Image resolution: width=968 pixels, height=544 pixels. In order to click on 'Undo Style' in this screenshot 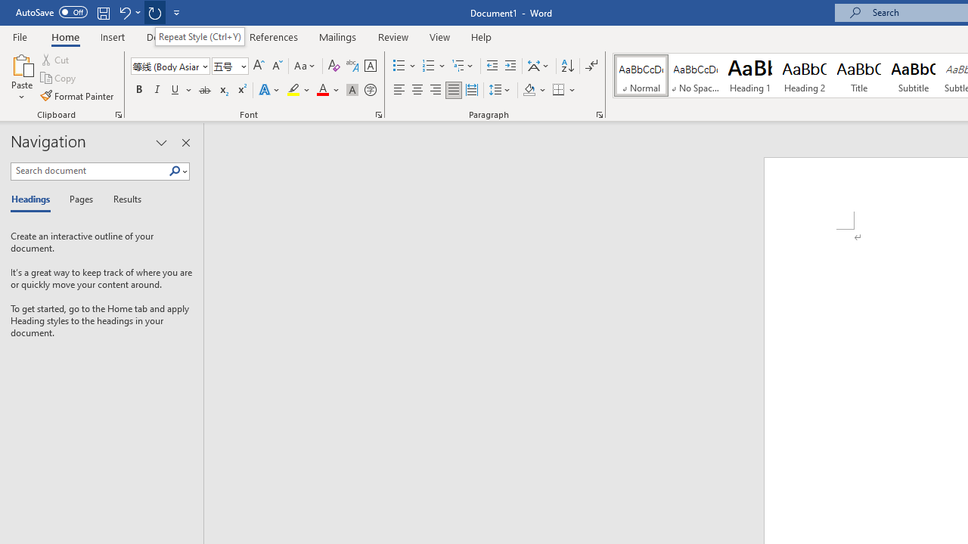, I will do `click(129, 12)`.